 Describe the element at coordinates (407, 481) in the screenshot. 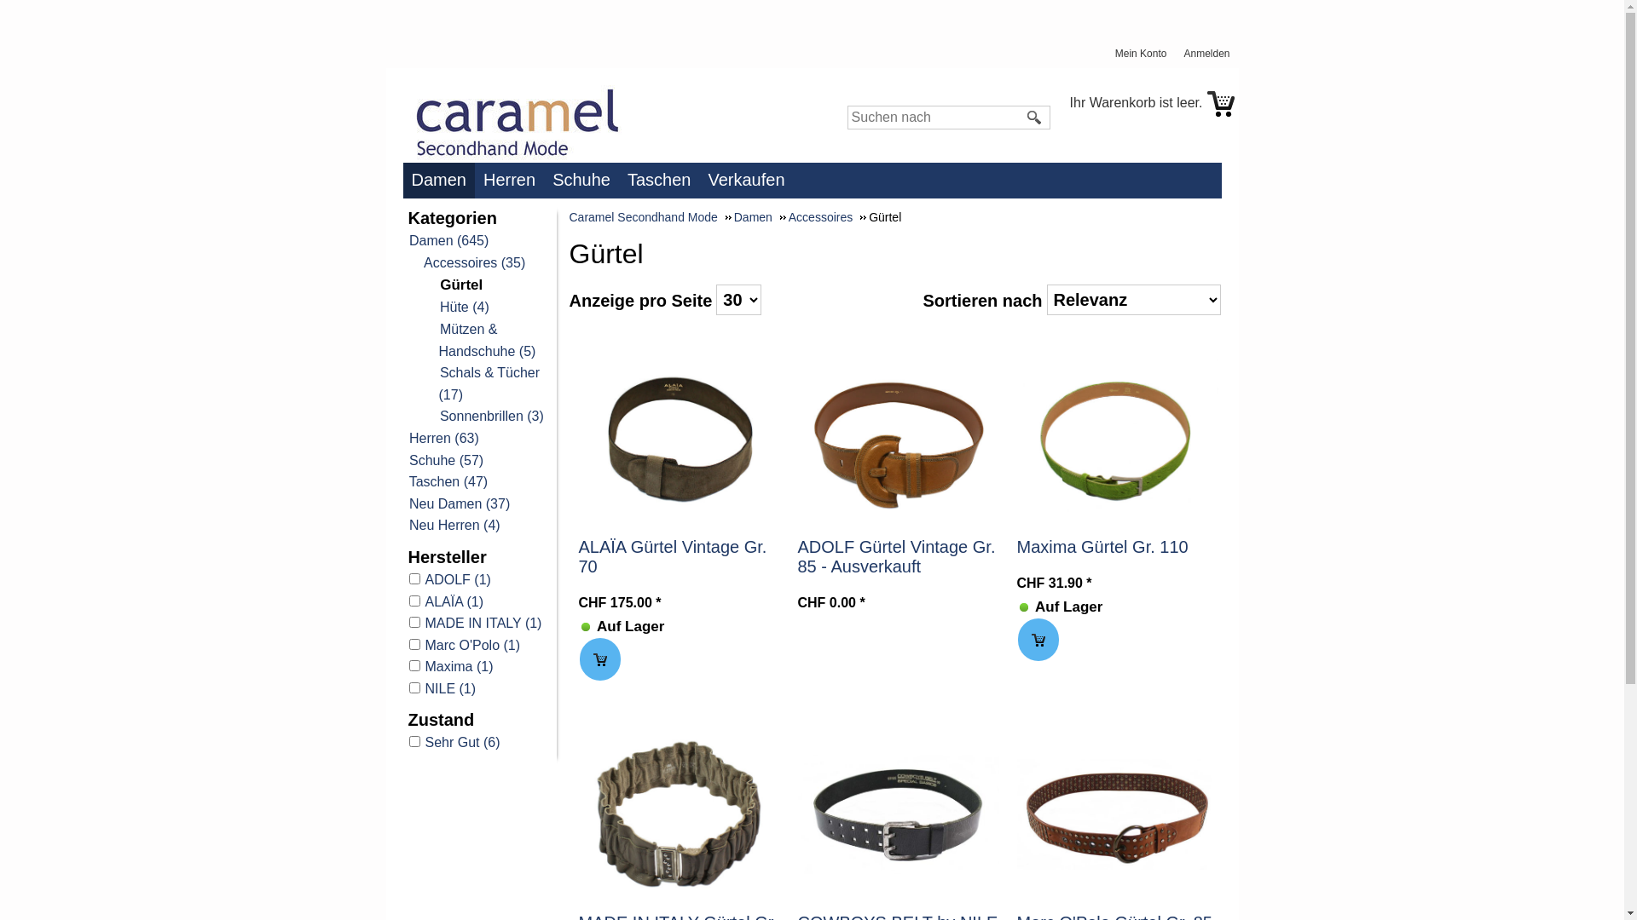

I see `'Taschen (47)'` at that location.